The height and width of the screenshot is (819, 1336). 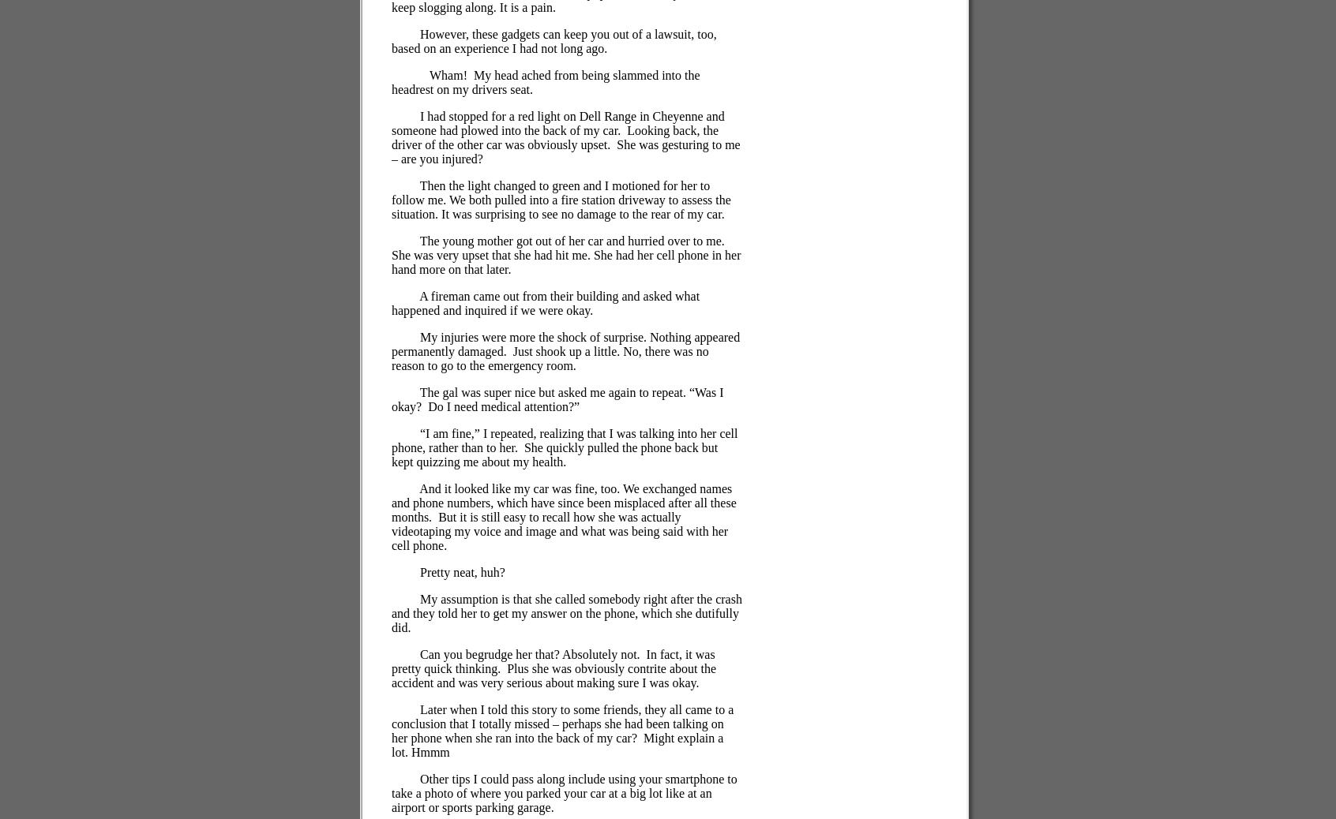 What do you see at coordinates (554, 675) in the screenshot?
I see `'Plus
she was obviously contrite about the accident and was very serious about making
sure I was okay.'` at bounding box center [554, 675].